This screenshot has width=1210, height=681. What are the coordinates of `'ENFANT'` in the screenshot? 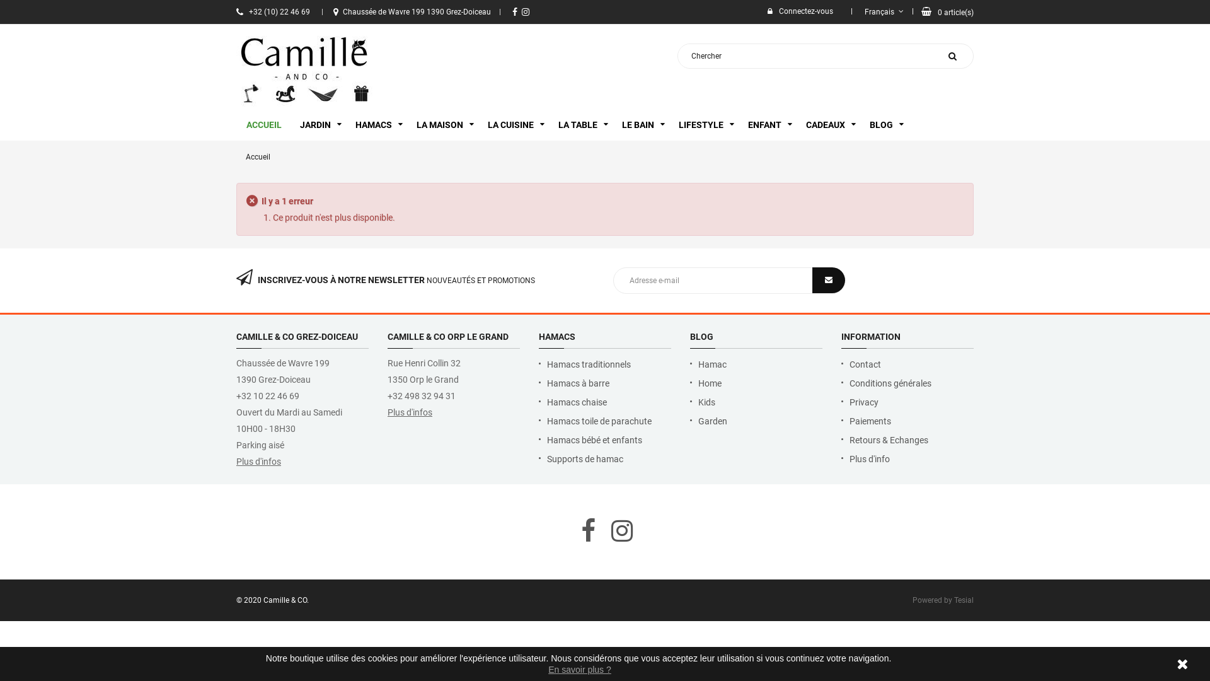 It's located at (740, 124).